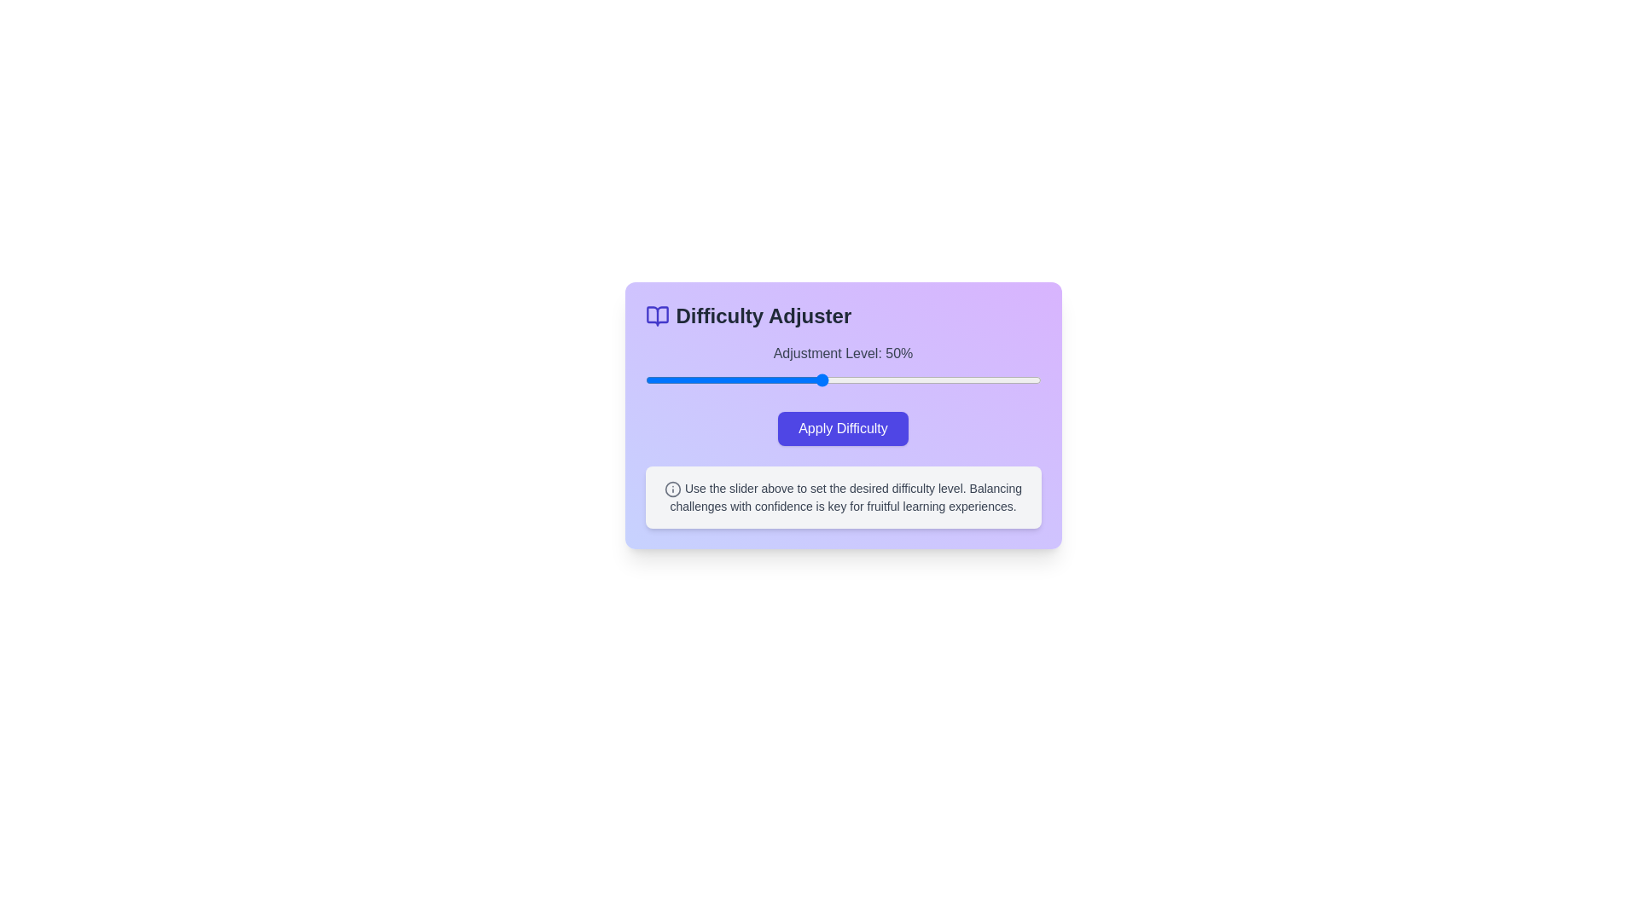 Image resolution: width=1638 pixels, height=921 pixels. I want to click on the difficulty slider to 85%, so click(975, 379).